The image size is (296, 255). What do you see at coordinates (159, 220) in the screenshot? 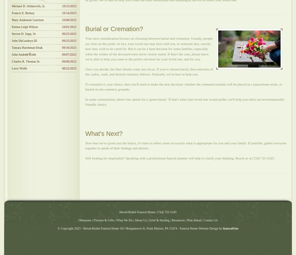
I see `'Grief & Healing'` at bounding box center [159, 220].